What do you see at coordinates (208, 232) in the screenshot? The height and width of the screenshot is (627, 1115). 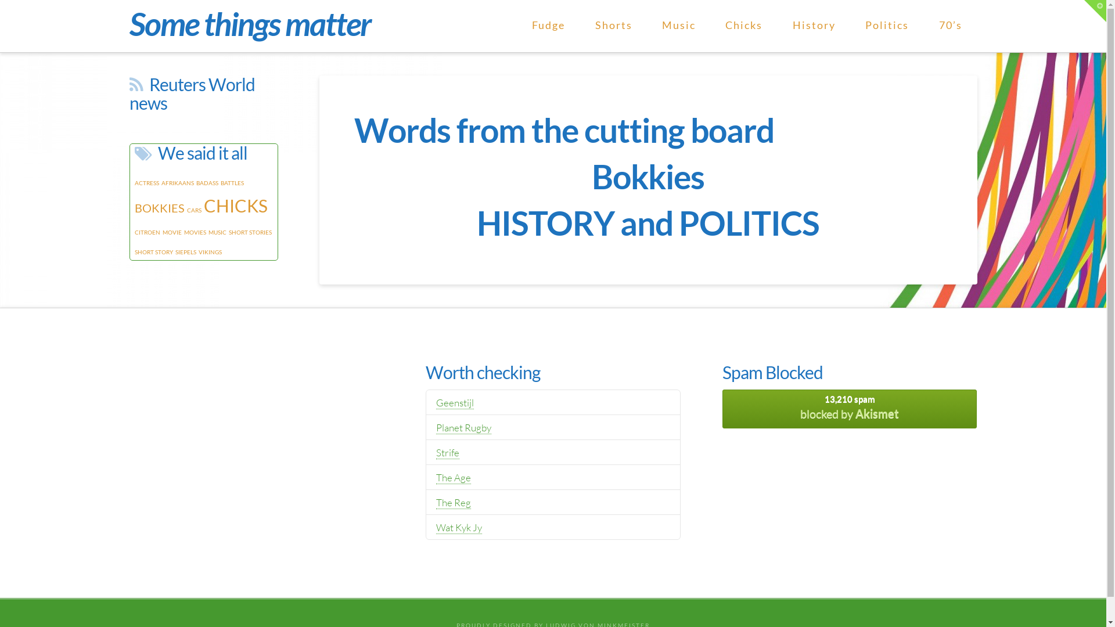 I see `'MUSIC'` at bounding box center [208, 232].